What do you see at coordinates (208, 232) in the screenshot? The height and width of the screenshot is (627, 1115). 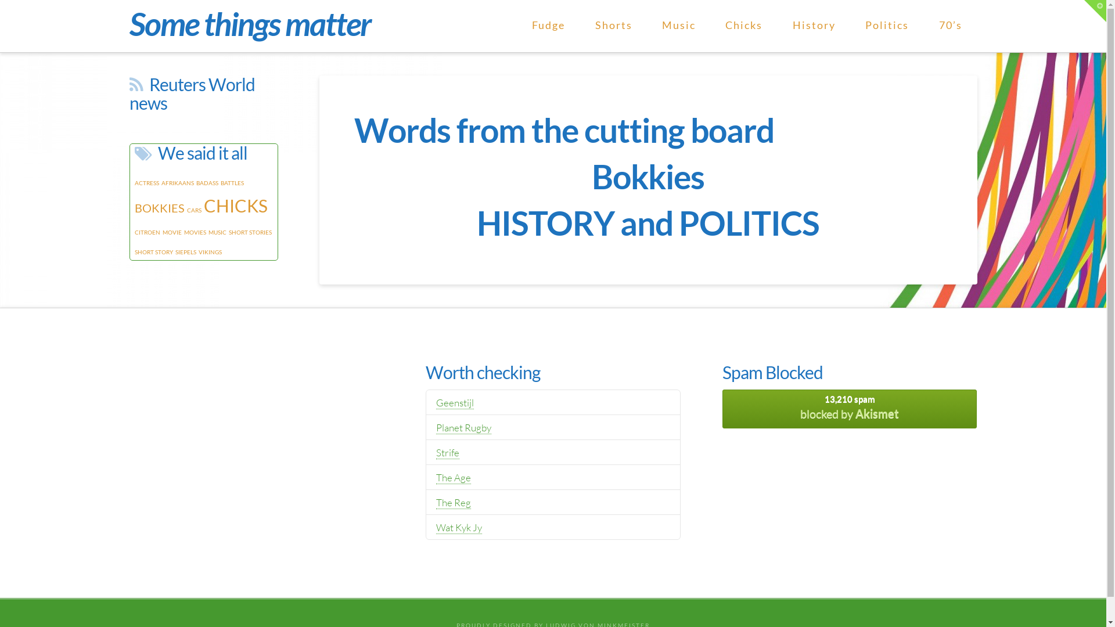 I see `'MUSIC'` at bounding box center [208, 232].